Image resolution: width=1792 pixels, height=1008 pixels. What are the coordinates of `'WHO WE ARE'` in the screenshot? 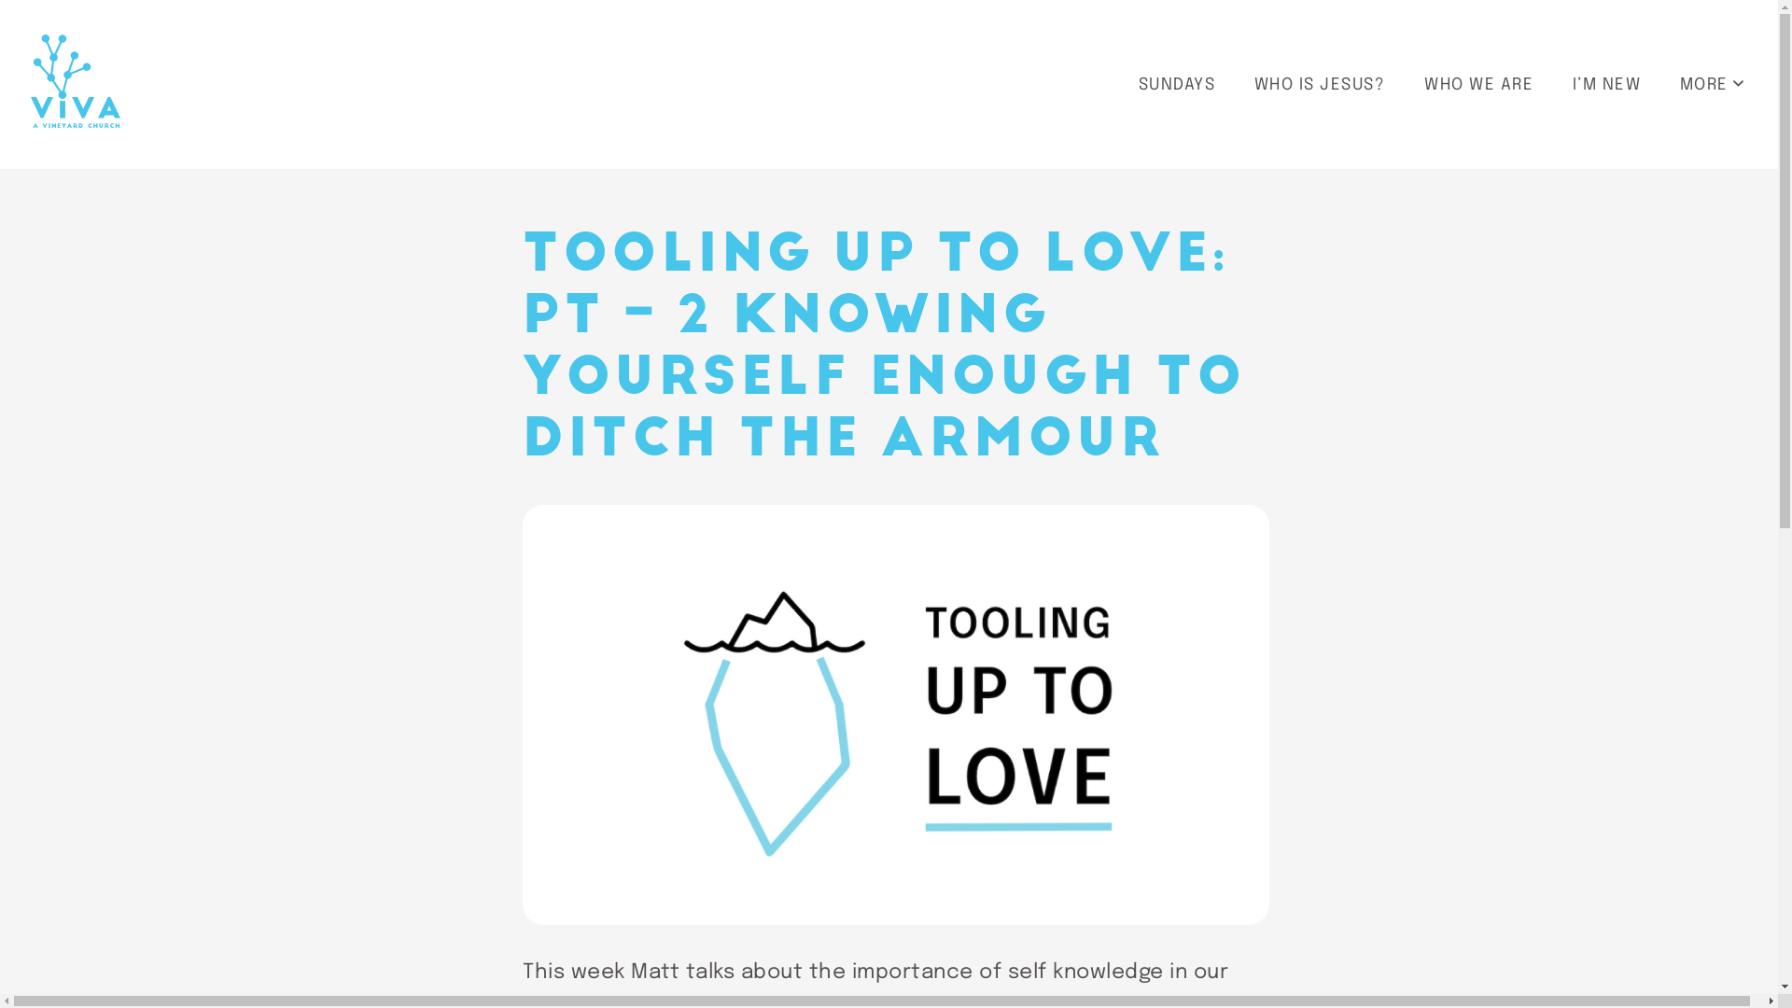 It's located at (1477, 85).